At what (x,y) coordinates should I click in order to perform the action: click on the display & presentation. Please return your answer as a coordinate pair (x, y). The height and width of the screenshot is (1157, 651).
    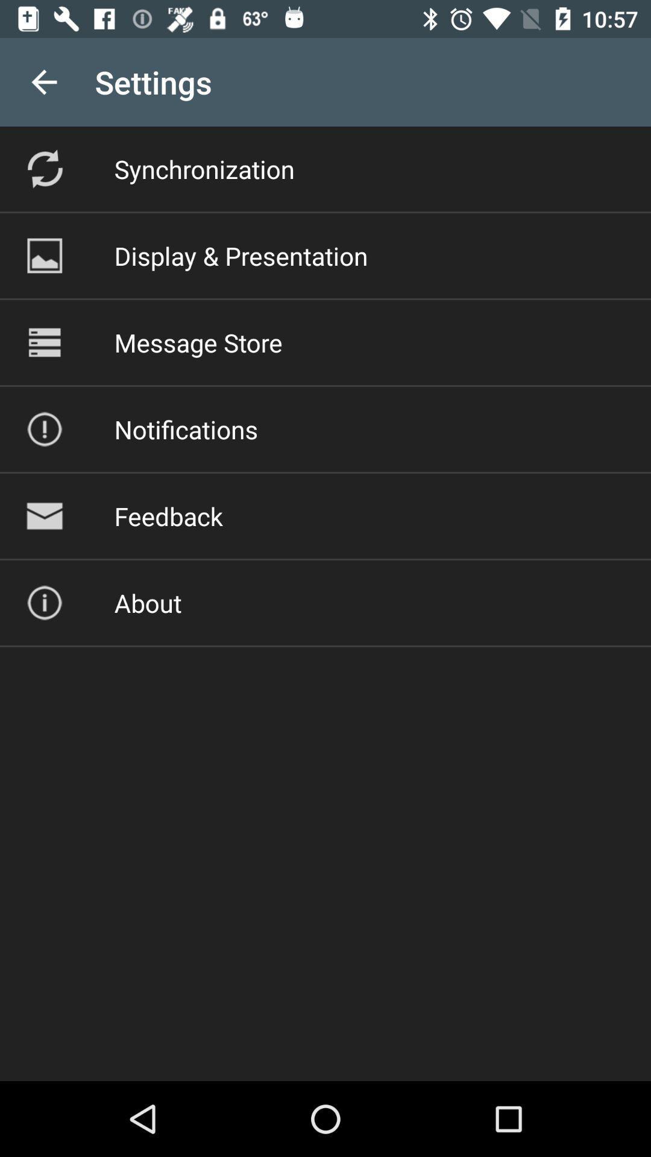
    Looking at the image, I should click on (241, 255).